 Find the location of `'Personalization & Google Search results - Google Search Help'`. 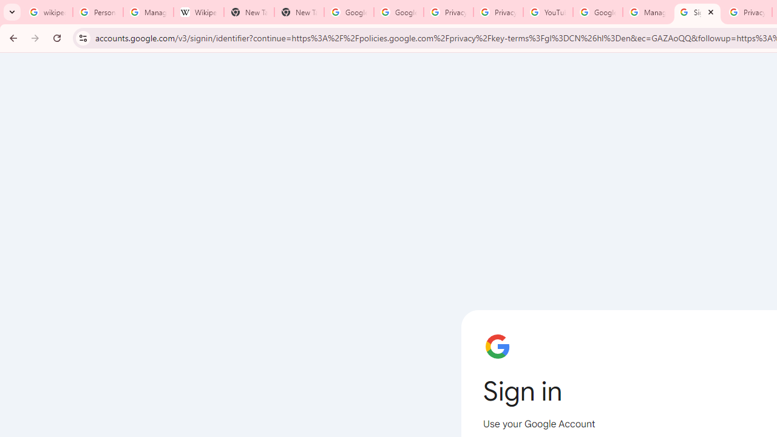

'Personalization & Google Search results - Google Search Help' is located at coordinates (98, 12).